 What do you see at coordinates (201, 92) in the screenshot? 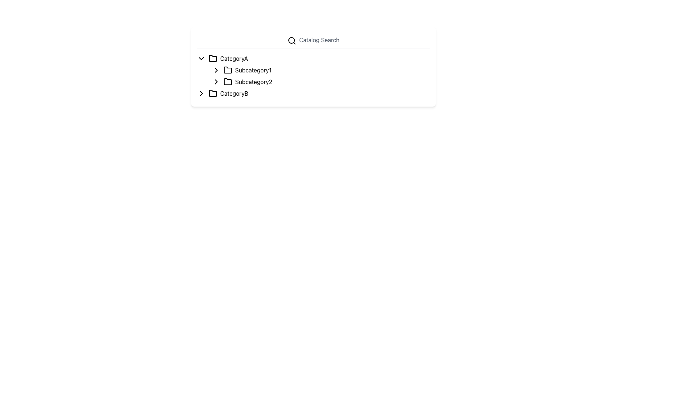
I see `the right-facing Chevron Icon located to the immediate left of the text 'CategoryB'` at bounding box center [201, 92].